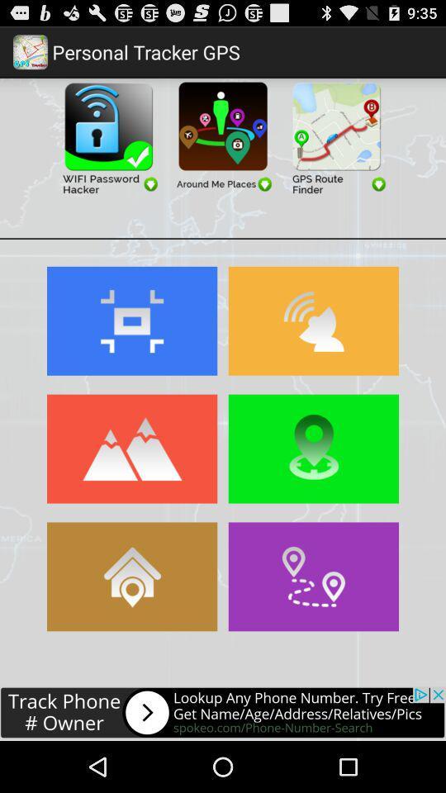 The width and height of the screenshot is (446, 793). Describe the element at coordinates (313, 449) in the screenshot. I see `the location` at that location.